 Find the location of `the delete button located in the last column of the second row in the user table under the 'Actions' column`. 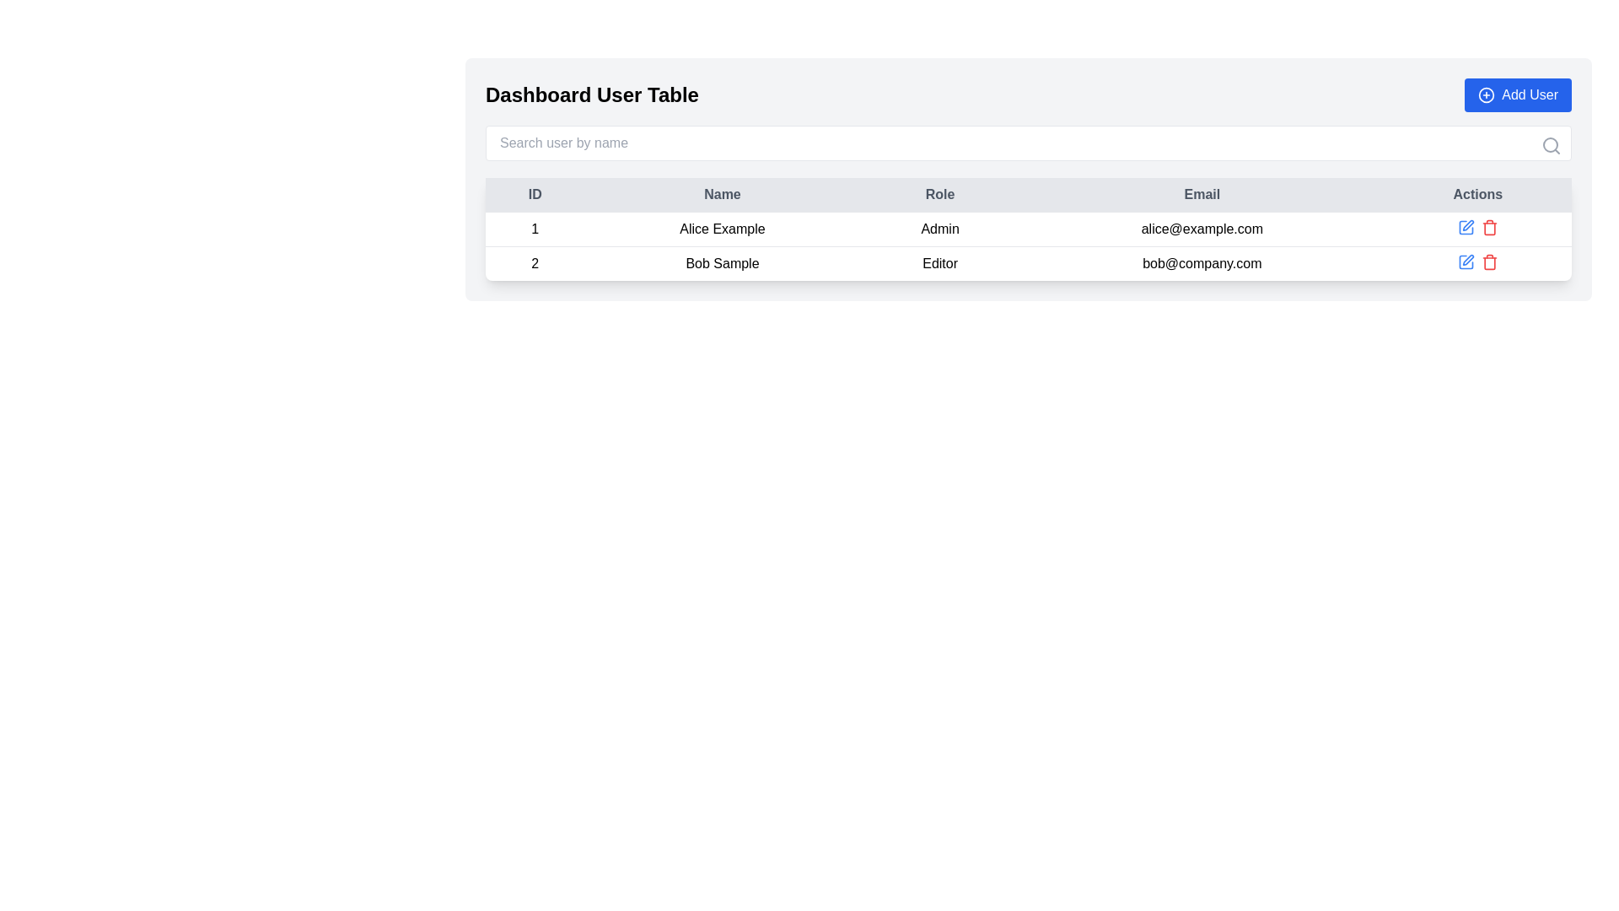

the delete button located in the last column of the second row in the user table under the 'Actions' column is located at coordinates (1489, 262).